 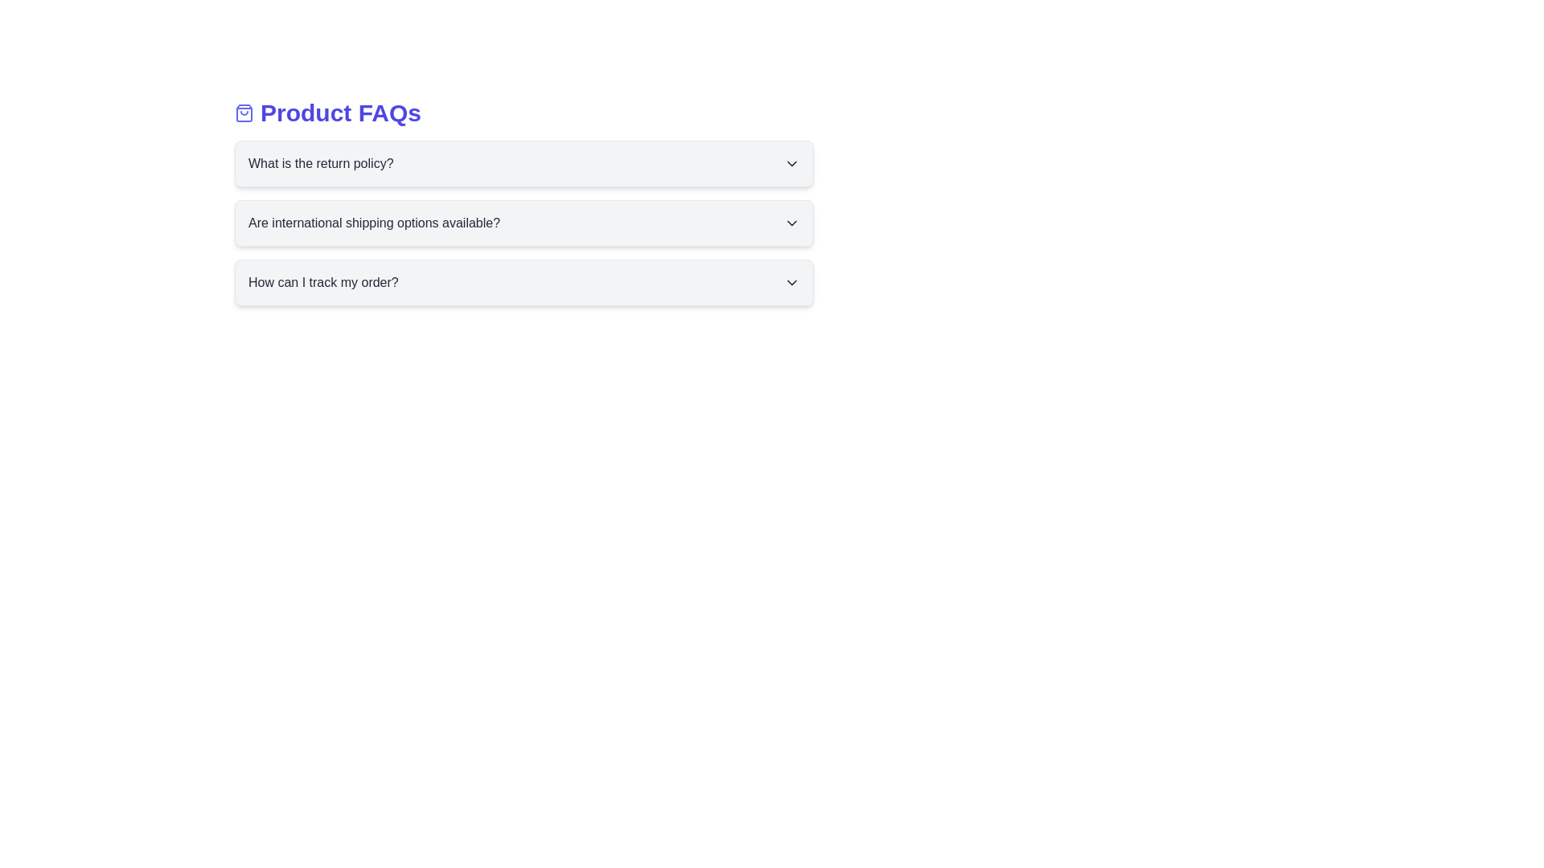 I want to click on the upper part of the shopping bag icon, which includes the handle and the opening, located to the left of the 'Product FAQs' text in the FAQ section, so click(x=243, y=113).